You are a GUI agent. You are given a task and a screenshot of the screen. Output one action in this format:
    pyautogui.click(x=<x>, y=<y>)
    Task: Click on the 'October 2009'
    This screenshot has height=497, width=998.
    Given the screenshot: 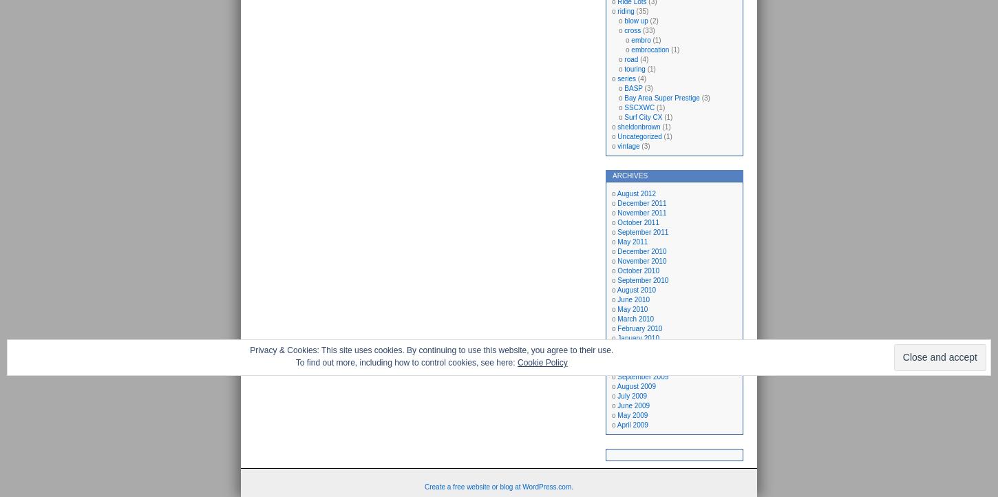 What is the action you would take?
    pyautogui.click(x=637, y=367)
    